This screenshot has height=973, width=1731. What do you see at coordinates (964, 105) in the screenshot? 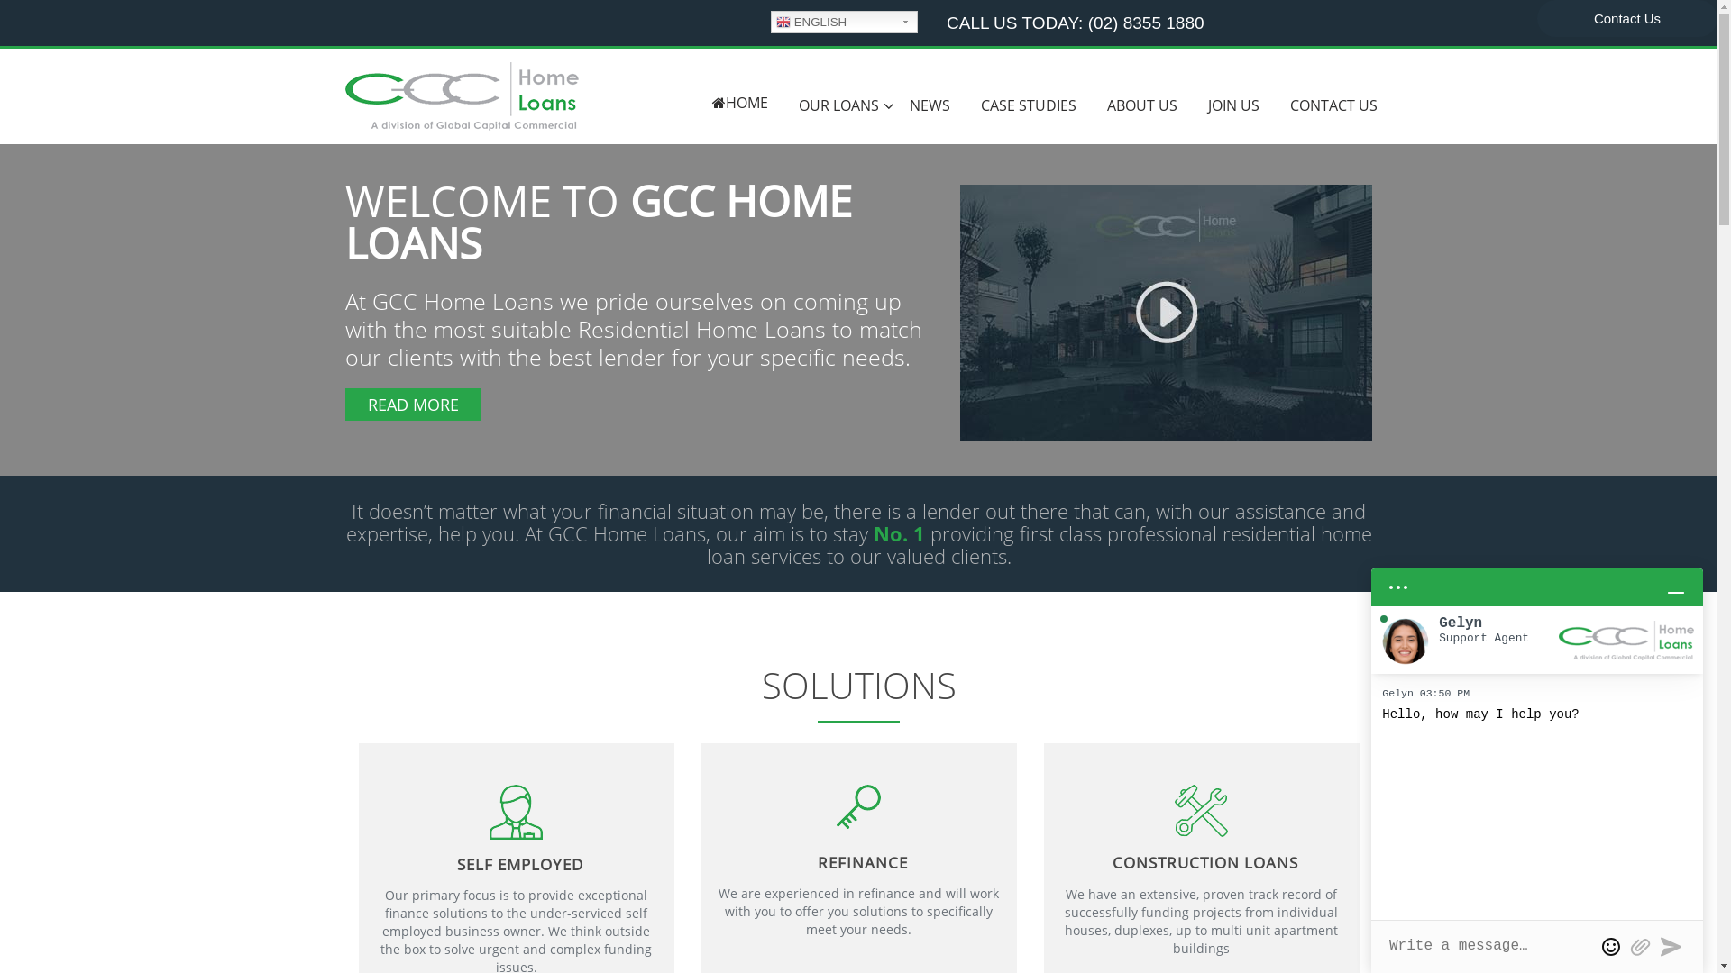
I see `'CASE STUDIES'` at bounding box center [964, 105].